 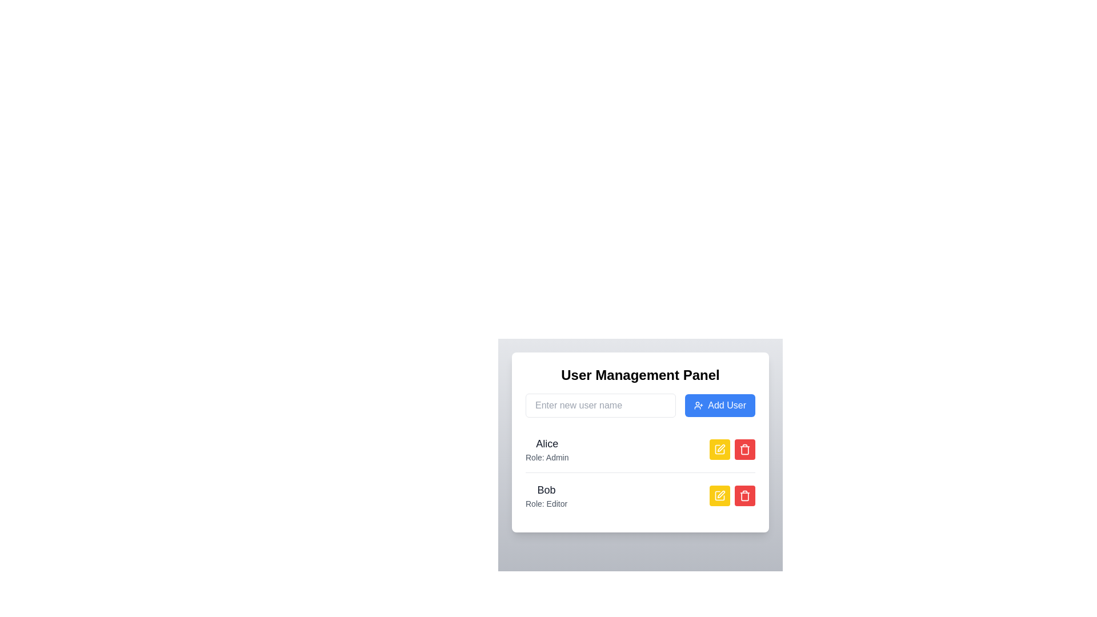 I want to click on the user icon with a plus sign located on the left side of the 'Add User' button in the user management panel, so click(x=698, y=404).